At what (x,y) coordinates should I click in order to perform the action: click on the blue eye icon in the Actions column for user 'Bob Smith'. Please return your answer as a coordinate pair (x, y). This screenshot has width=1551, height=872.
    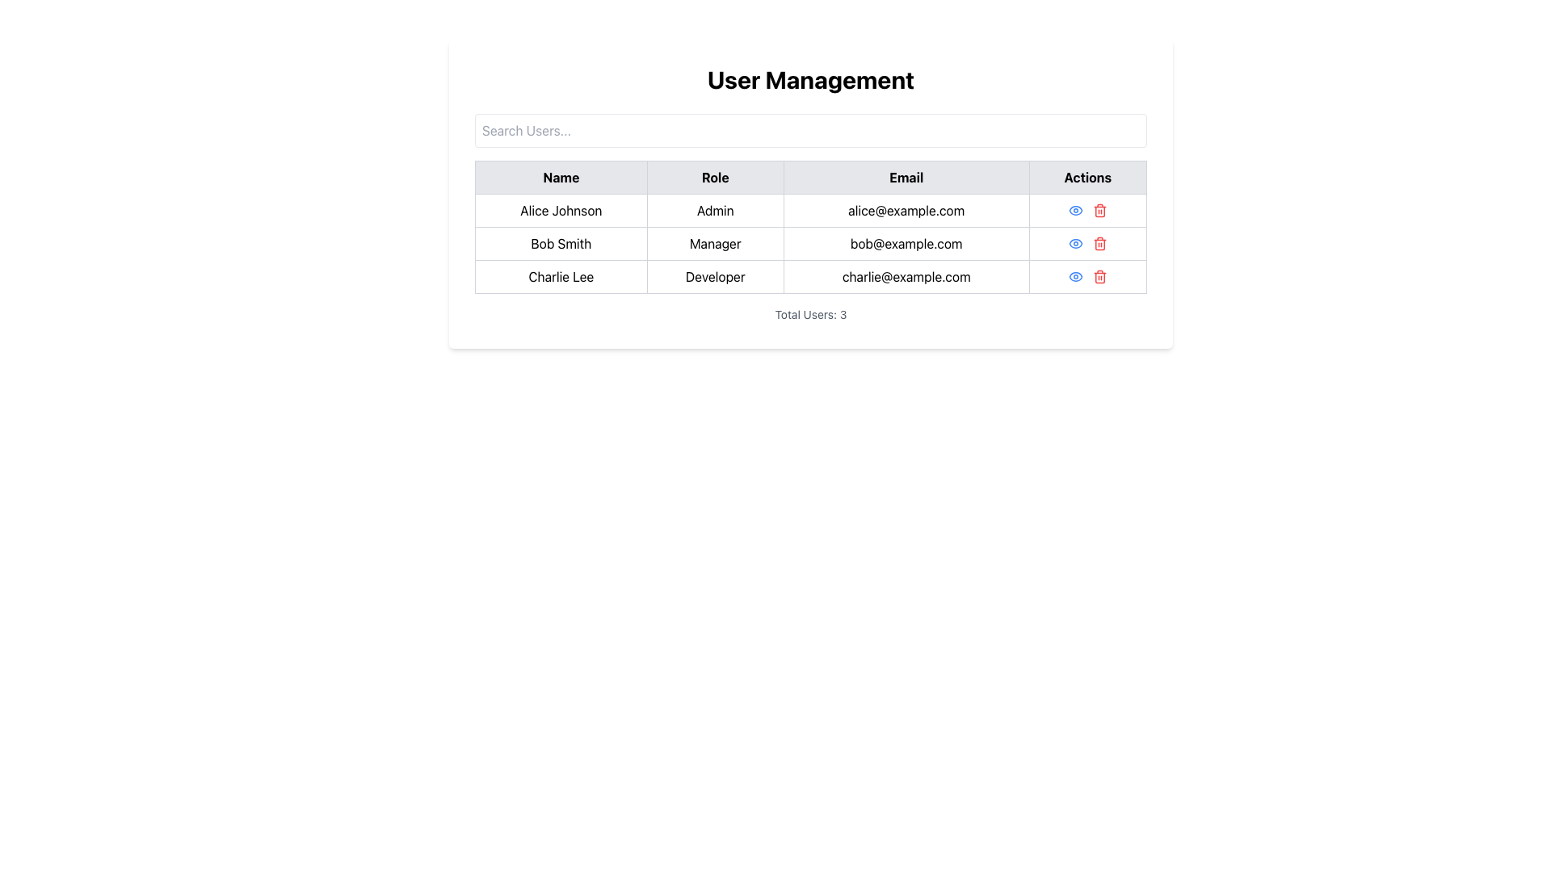
    Looking at the image, I should click on (1075, 243).